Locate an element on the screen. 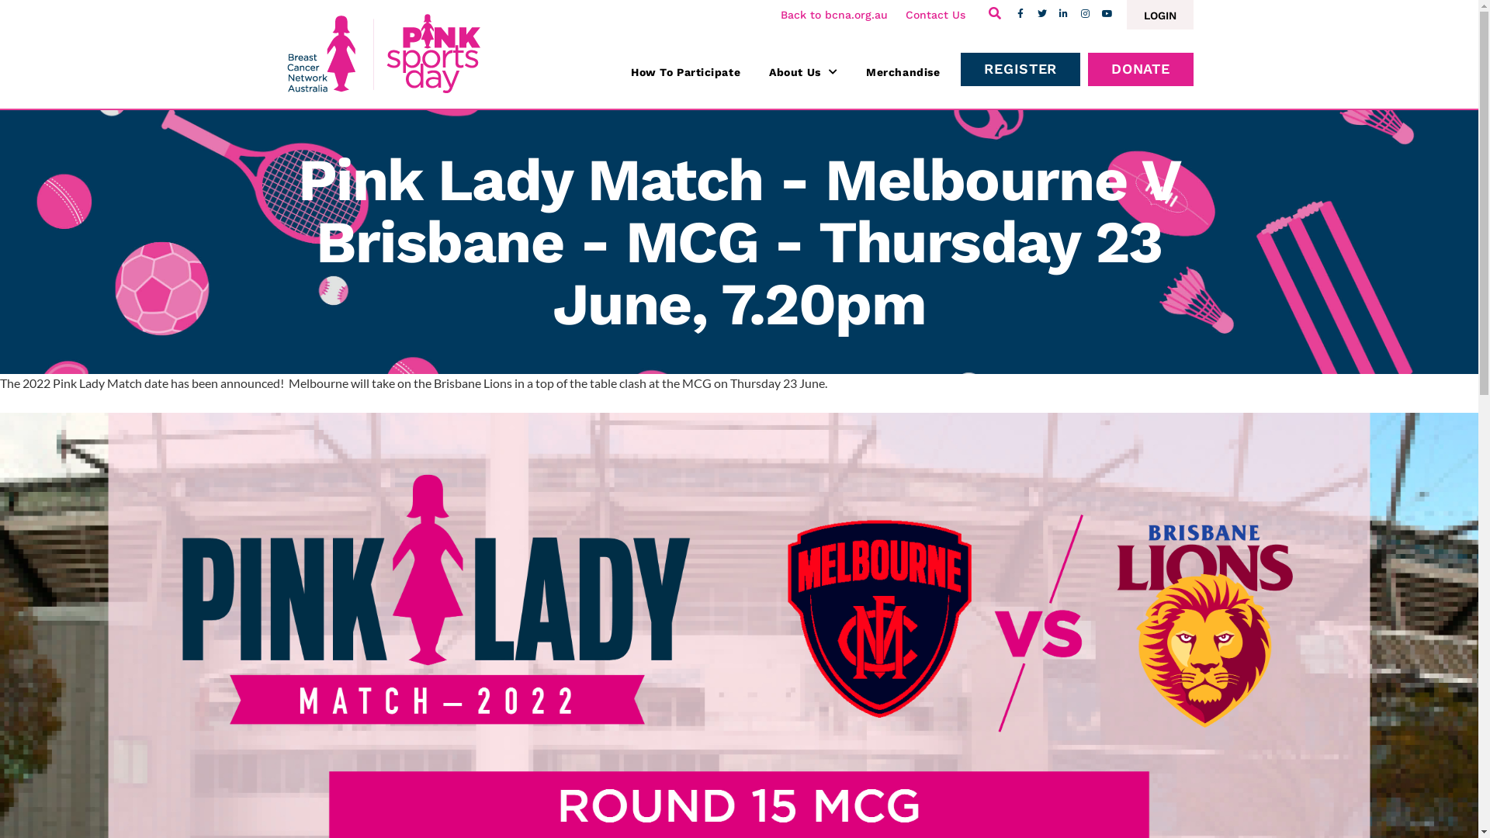 This screenshot has width=1490, height=838. 'Merchandise' is located at coordinates (903, 71).